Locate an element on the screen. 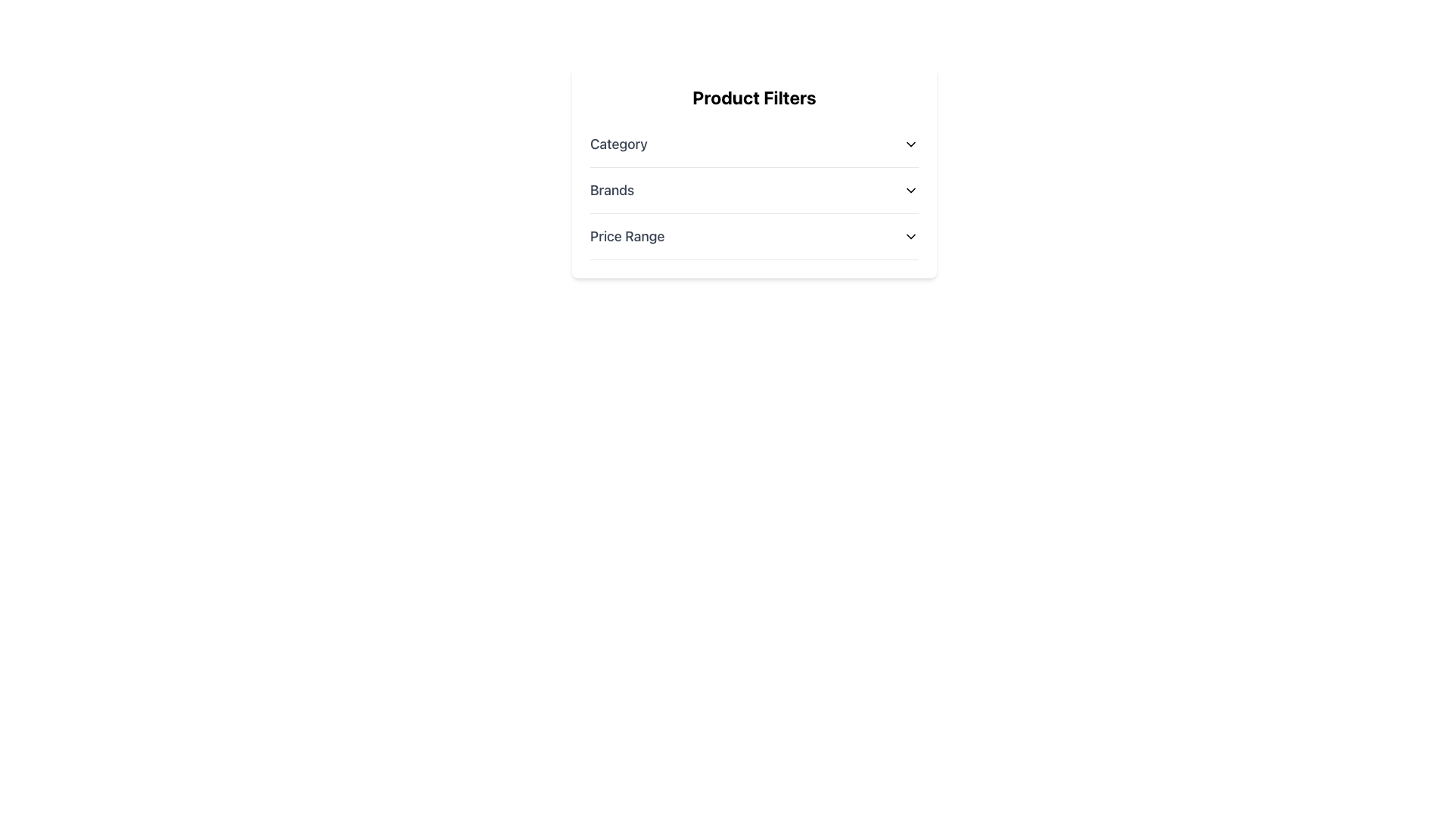 Image resolution: width=1453 pixels, height=817 pixels. the first item in the 'Product Filters' dropdown menu is located at coordinates (755, 144).